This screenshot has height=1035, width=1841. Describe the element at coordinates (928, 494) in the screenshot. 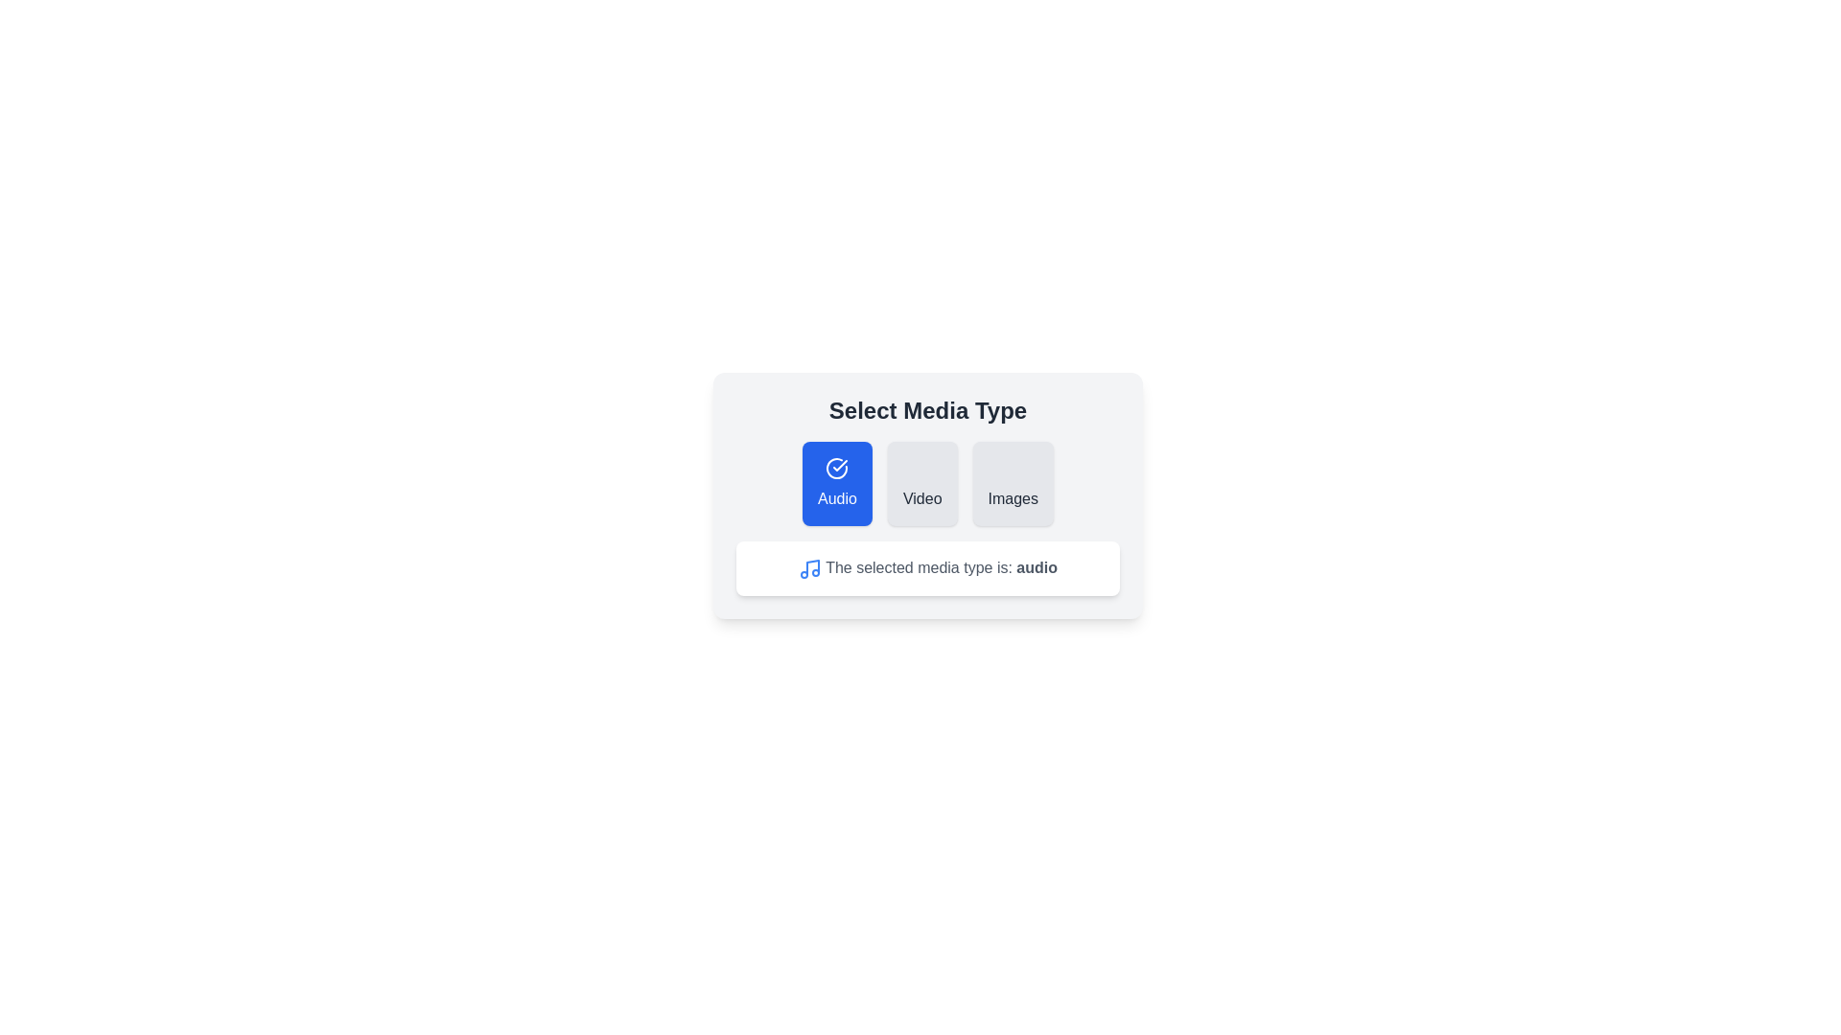

I see `the Interactive selection panel located below the title 'Select Media Type'` at that location.